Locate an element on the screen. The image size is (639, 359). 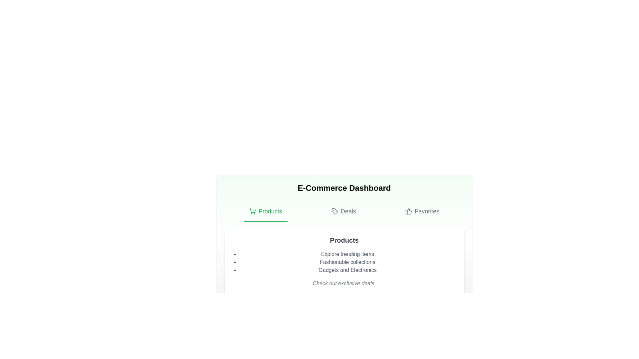
the 'Products' tab, which is the first tab in a horizontal list featuring a shopping cart icon and bold green text is located at coordinates (265, 211).